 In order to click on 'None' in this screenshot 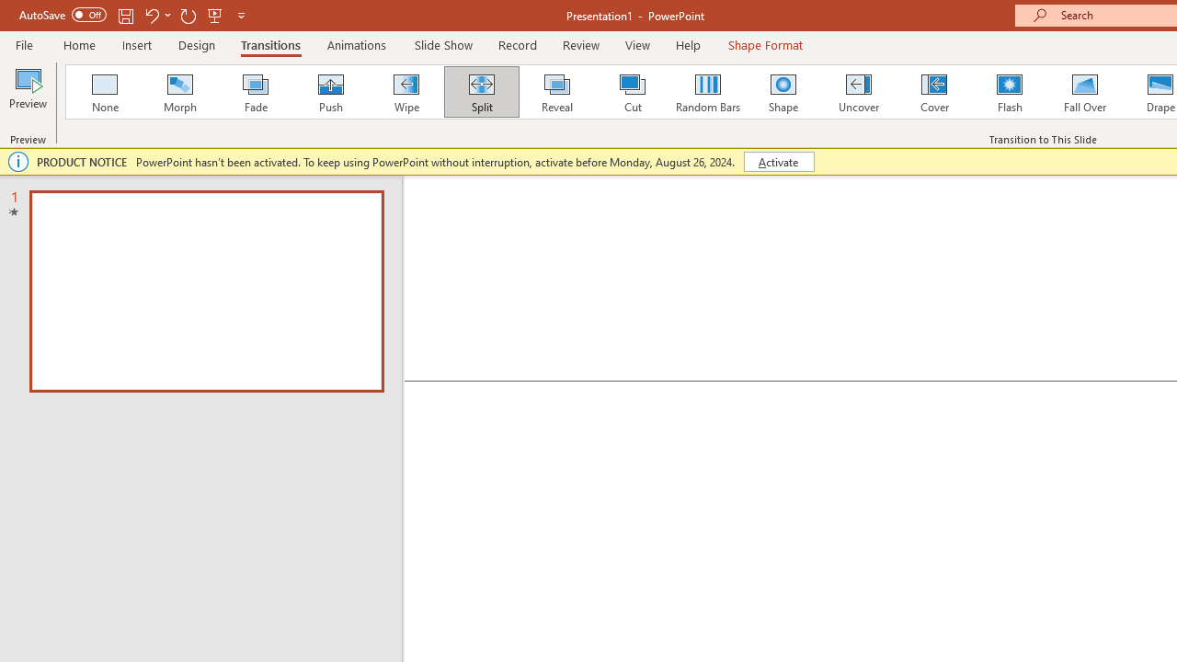, I will do `click(103, 92)`.